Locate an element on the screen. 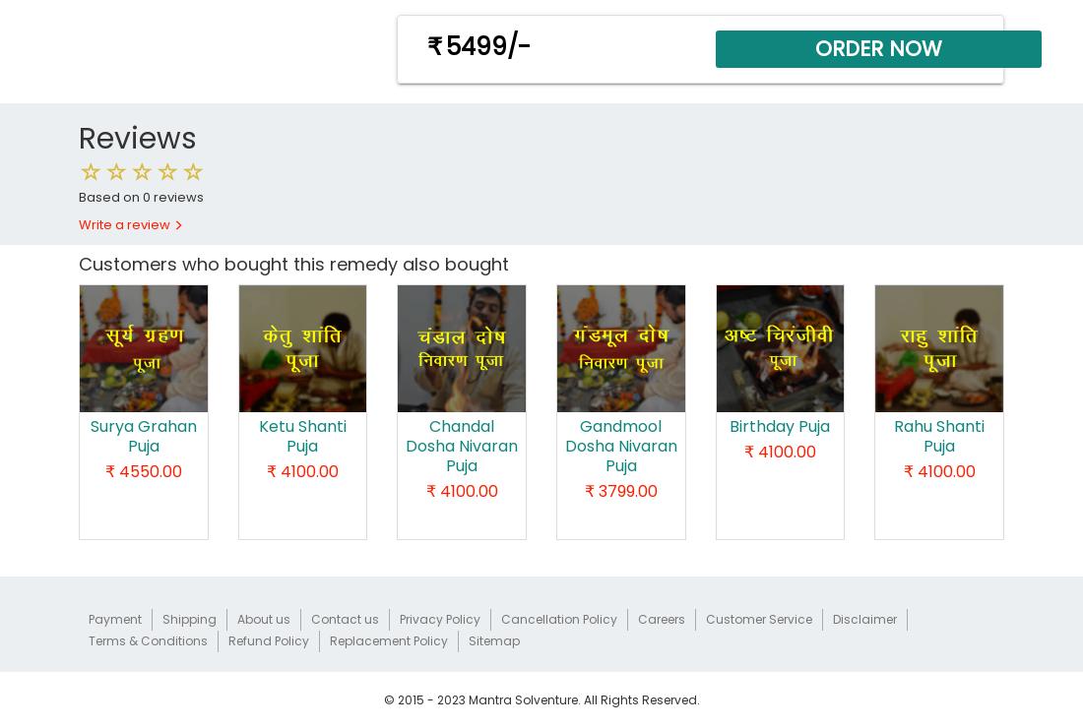 The image size is (1083, 728). 'Write a review' is located at coordinates (126, 224).